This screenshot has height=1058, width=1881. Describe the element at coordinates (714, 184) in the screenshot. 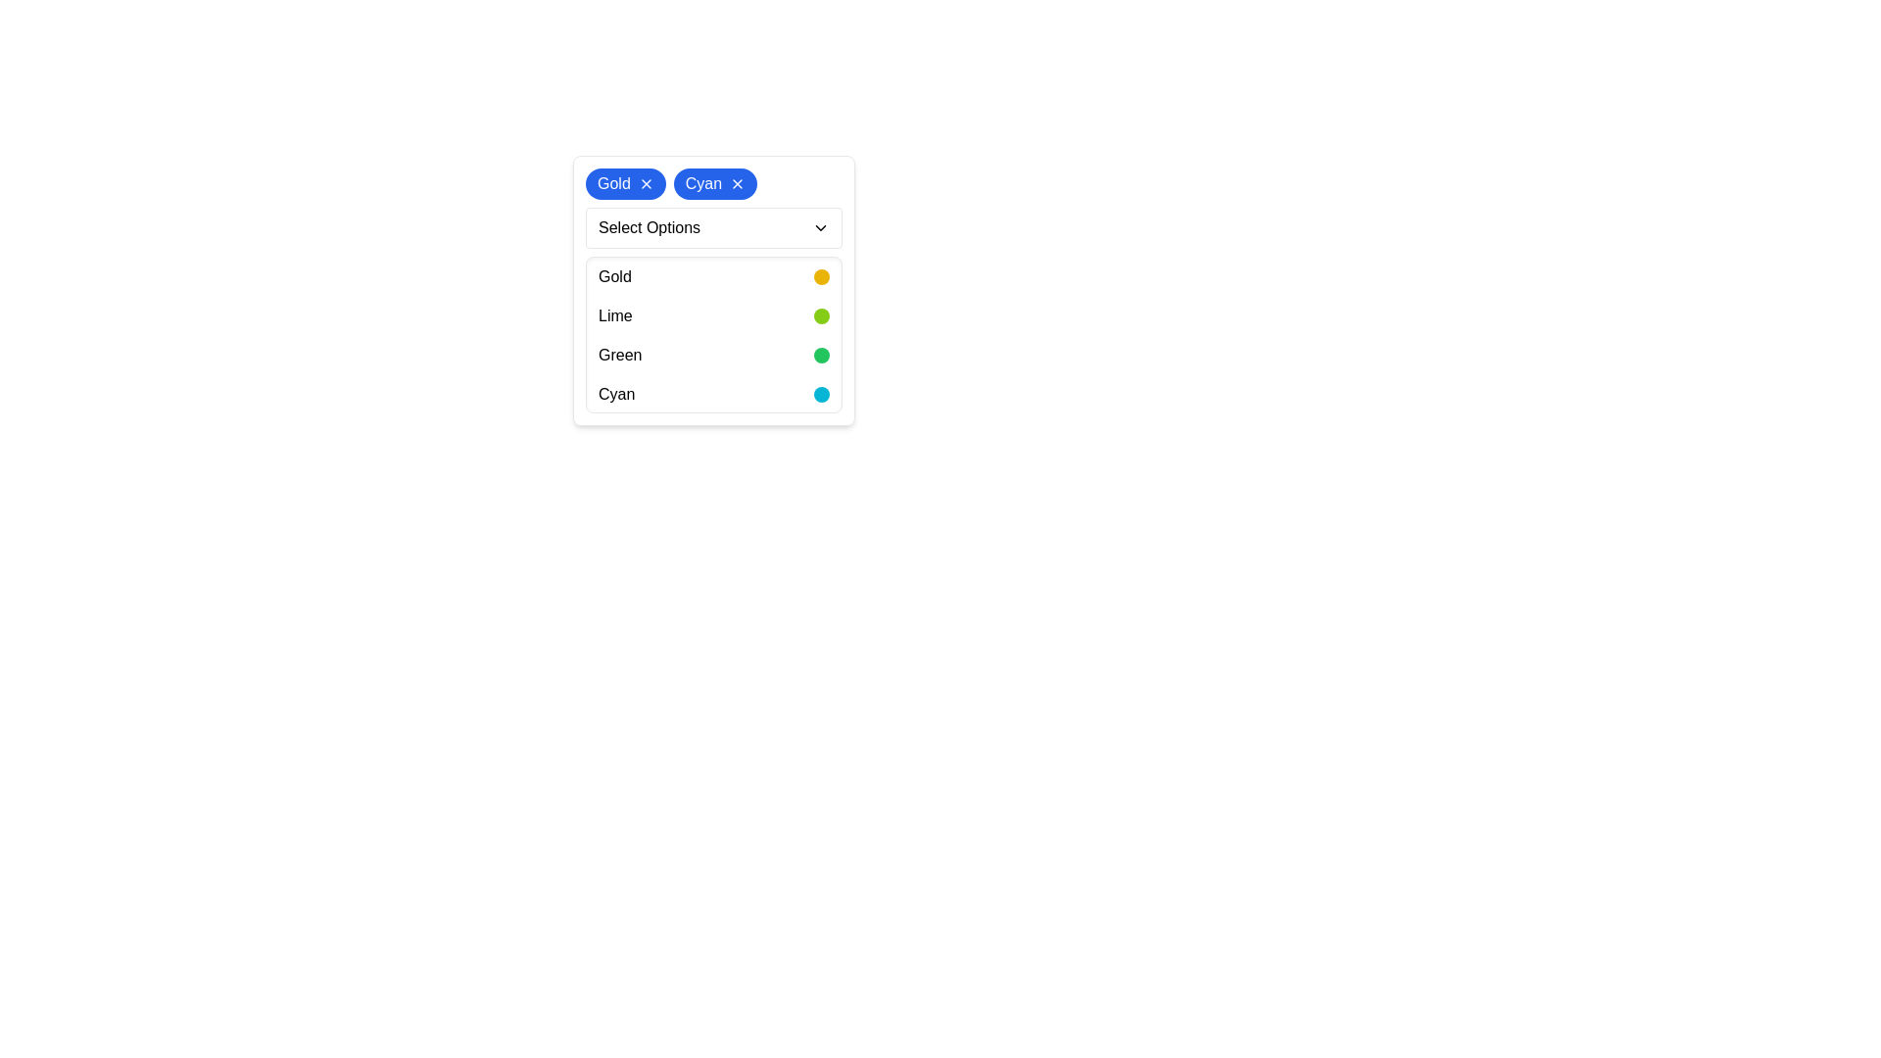

I see `the 'X' icon on the second pill-shaped button` at that location.